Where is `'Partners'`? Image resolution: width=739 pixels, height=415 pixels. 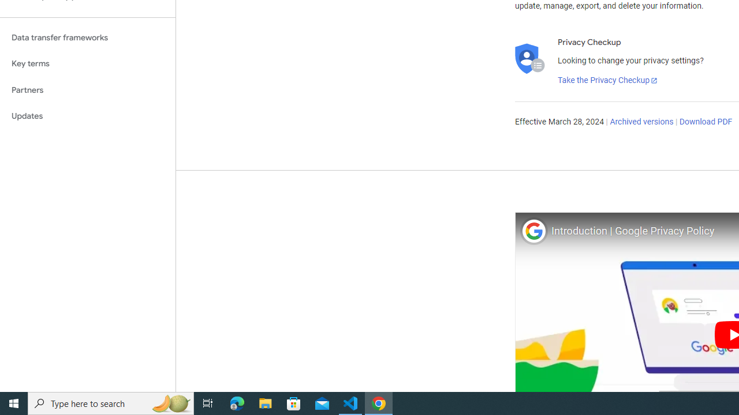 'Partners' is located at coordinates (87, 89).